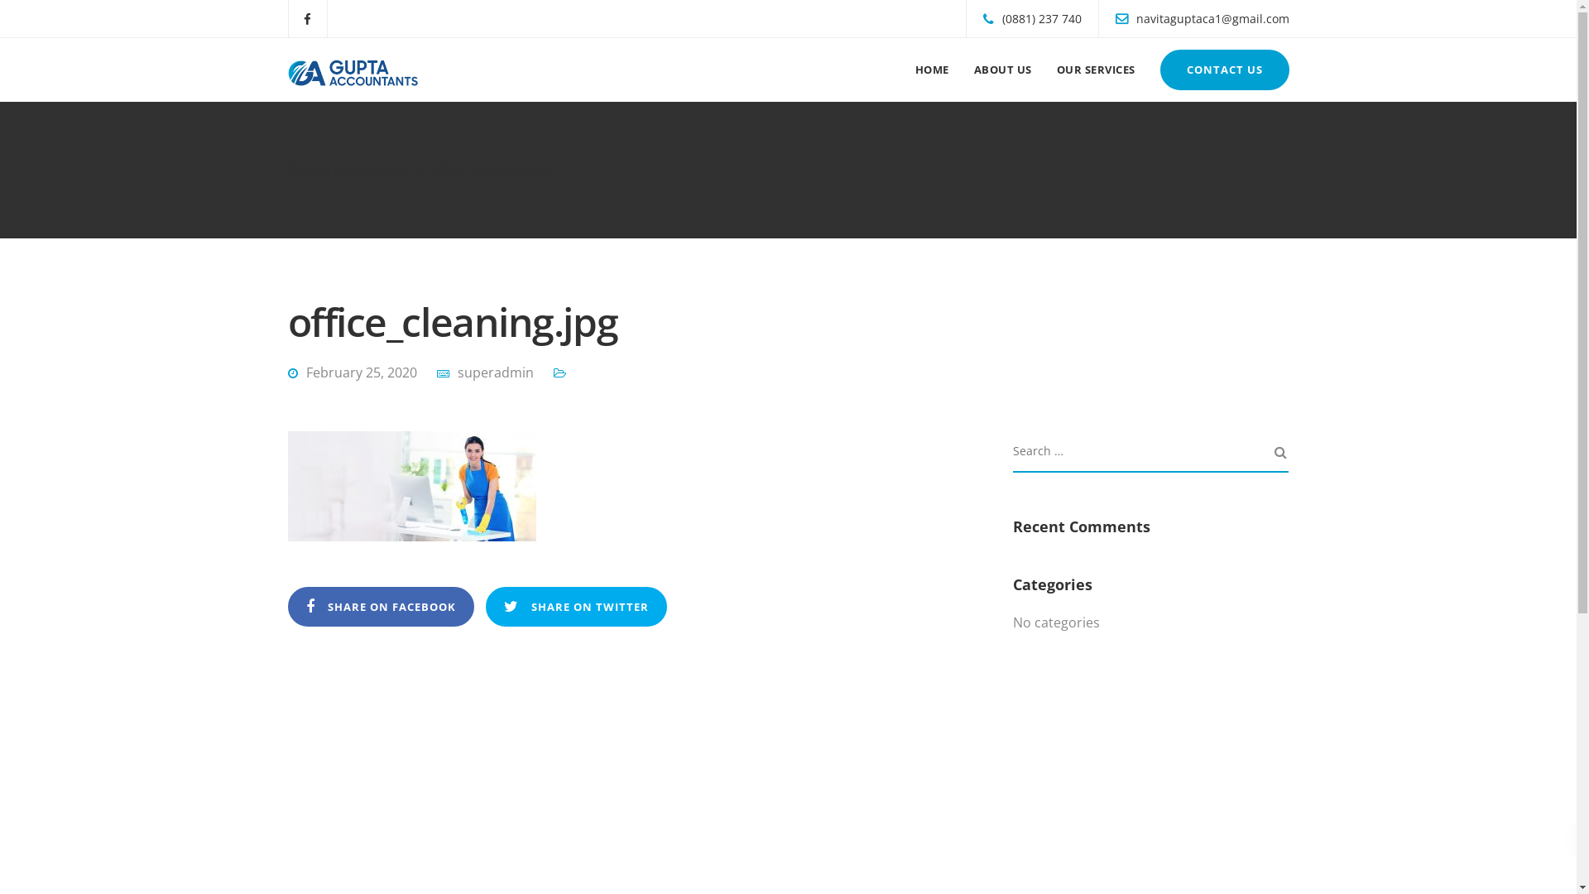  What do you see at coordinates (931, 69) in the screenshot?
I see `'HOME'` at bounding box center [931, 69].